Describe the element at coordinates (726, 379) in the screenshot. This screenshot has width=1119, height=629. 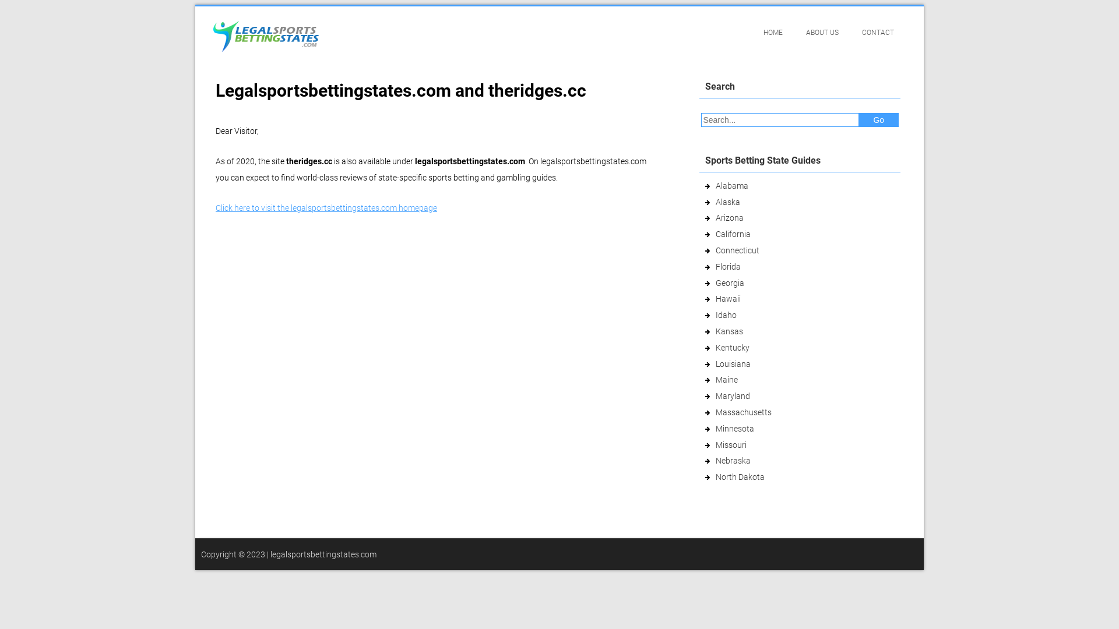
I see `'Maine'` at that location.